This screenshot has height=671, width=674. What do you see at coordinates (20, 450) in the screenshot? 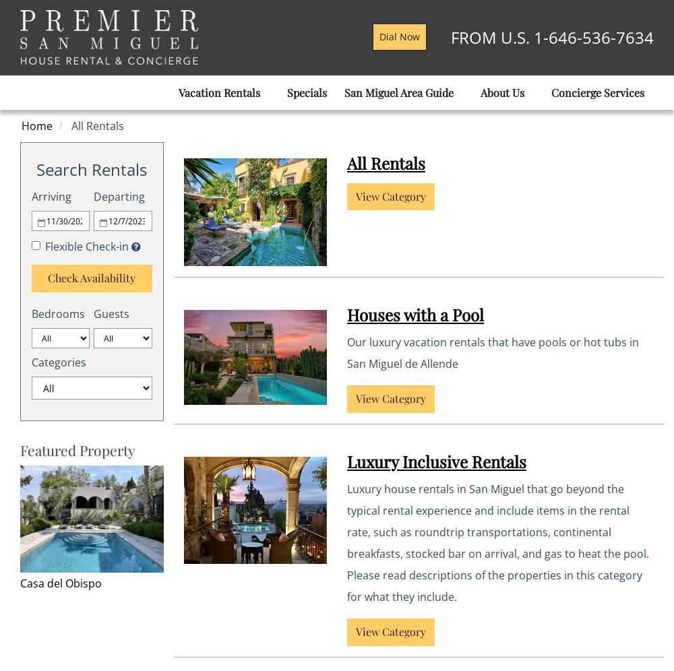
I see `'Featured Property'` at bounding box center [20, 450].